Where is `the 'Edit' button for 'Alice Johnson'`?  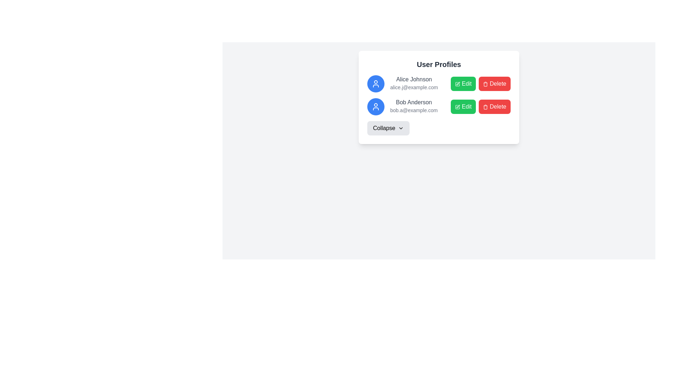 the 'Edit' button for 'Alice Johnson' is located at coordinates (463, 83).